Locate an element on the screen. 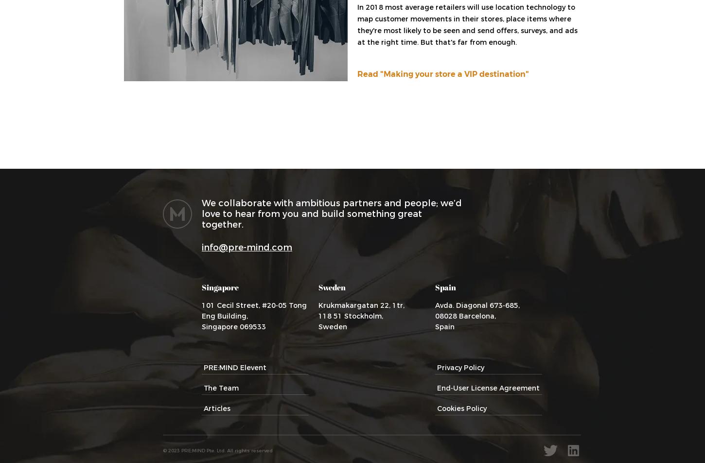 The image size is (705, 463). '118 51 Stockholm,' is located at coordinates (350, 316).